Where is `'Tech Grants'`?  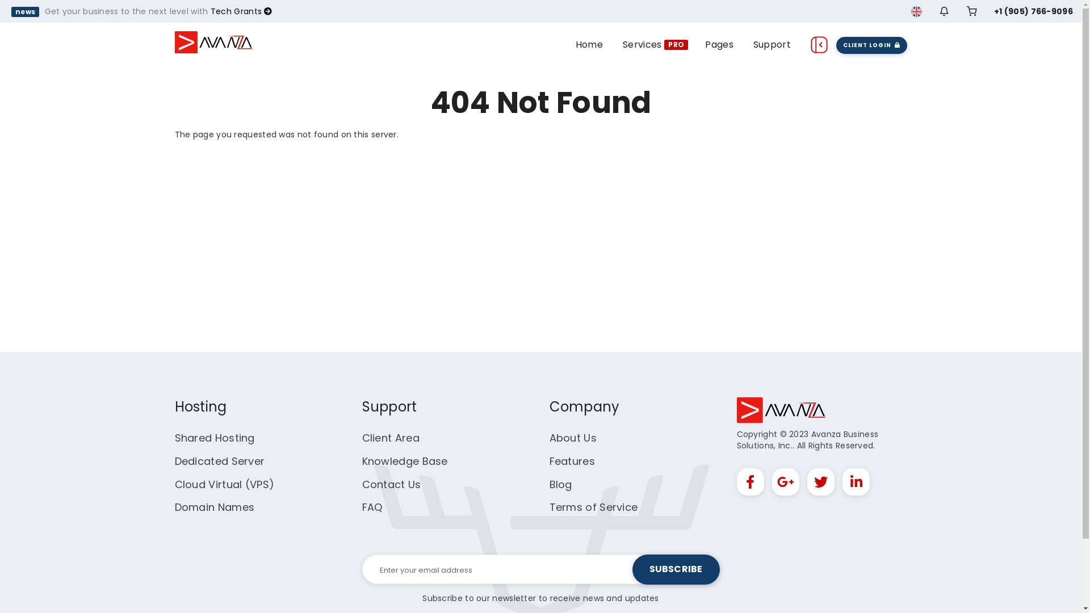
'Tech Grants' is located at coordinates (241, 11).